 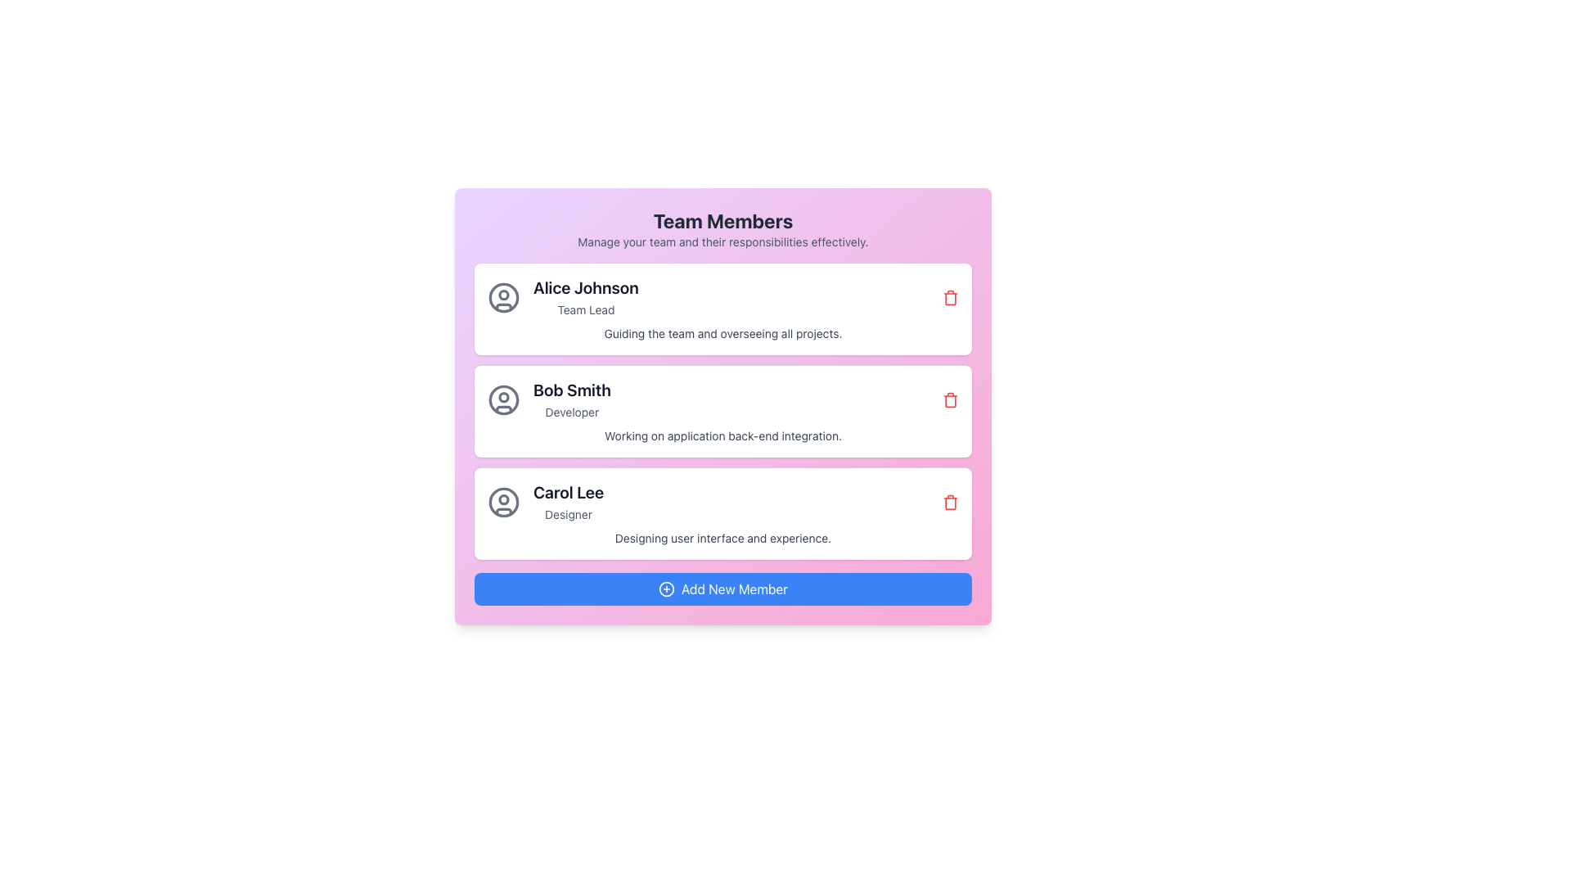 What do you see at coordinates (586, 286) in the screenshot?
I see `text label displaying the name 'Alice Johnson', which is a prominent title in a bold, dark gray font, located at the top of the member's details card` at bounding box center [586, 286].